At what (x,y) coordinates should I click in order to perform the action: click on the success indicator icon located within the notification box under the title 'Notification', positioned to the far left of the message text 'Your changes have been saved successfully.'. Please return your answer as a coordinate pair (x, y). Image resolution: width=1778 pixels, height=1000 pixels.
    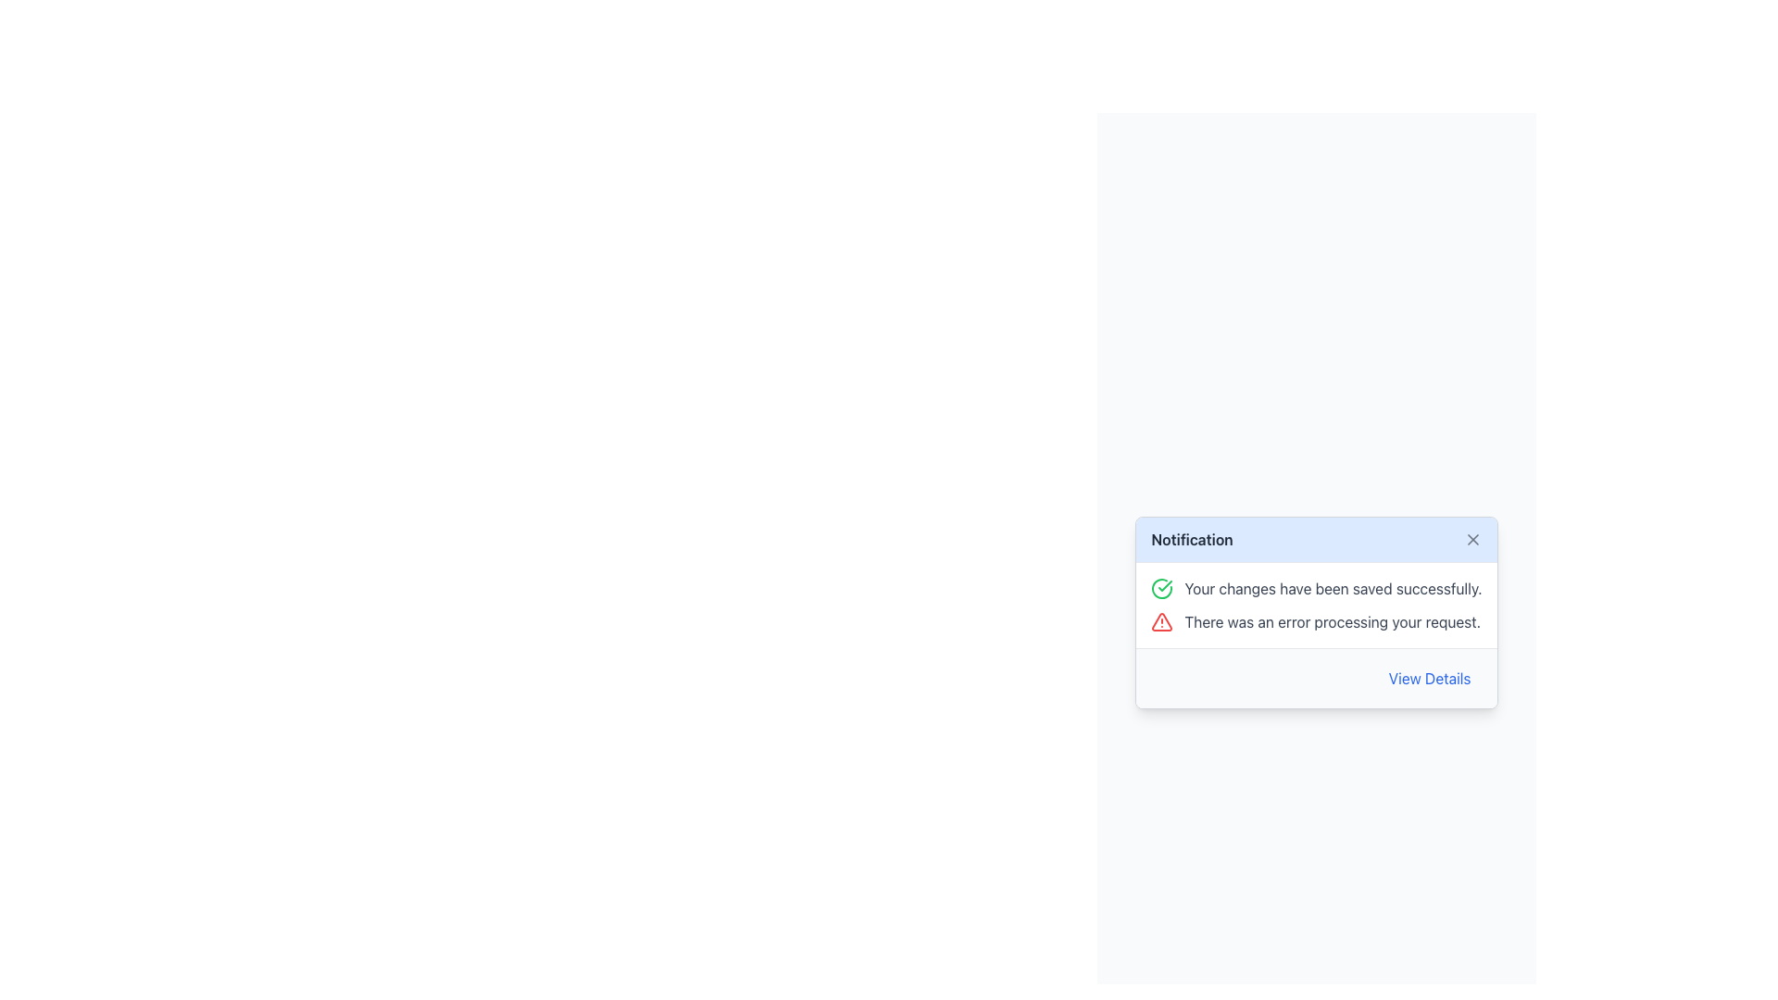
    Looking at the image, I should click on (1161, 589).